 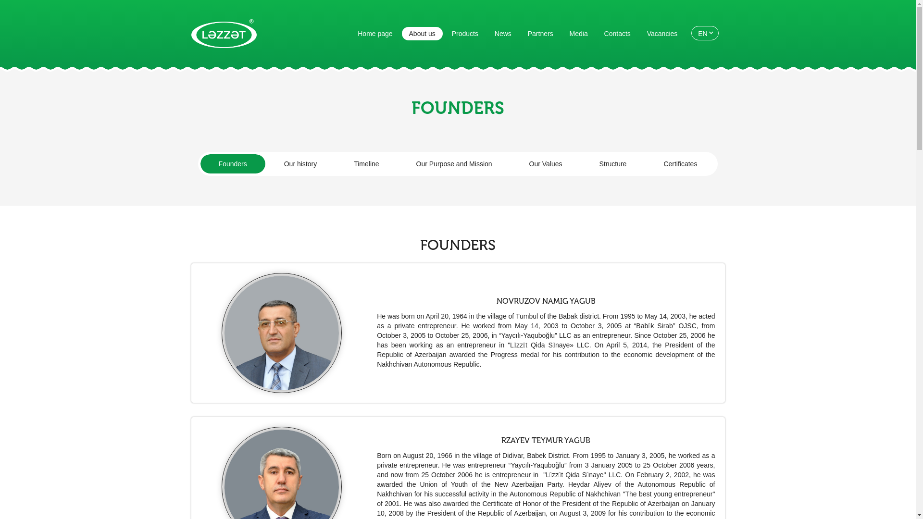 I want to click on 'Home page', so click(x=374, y=33).